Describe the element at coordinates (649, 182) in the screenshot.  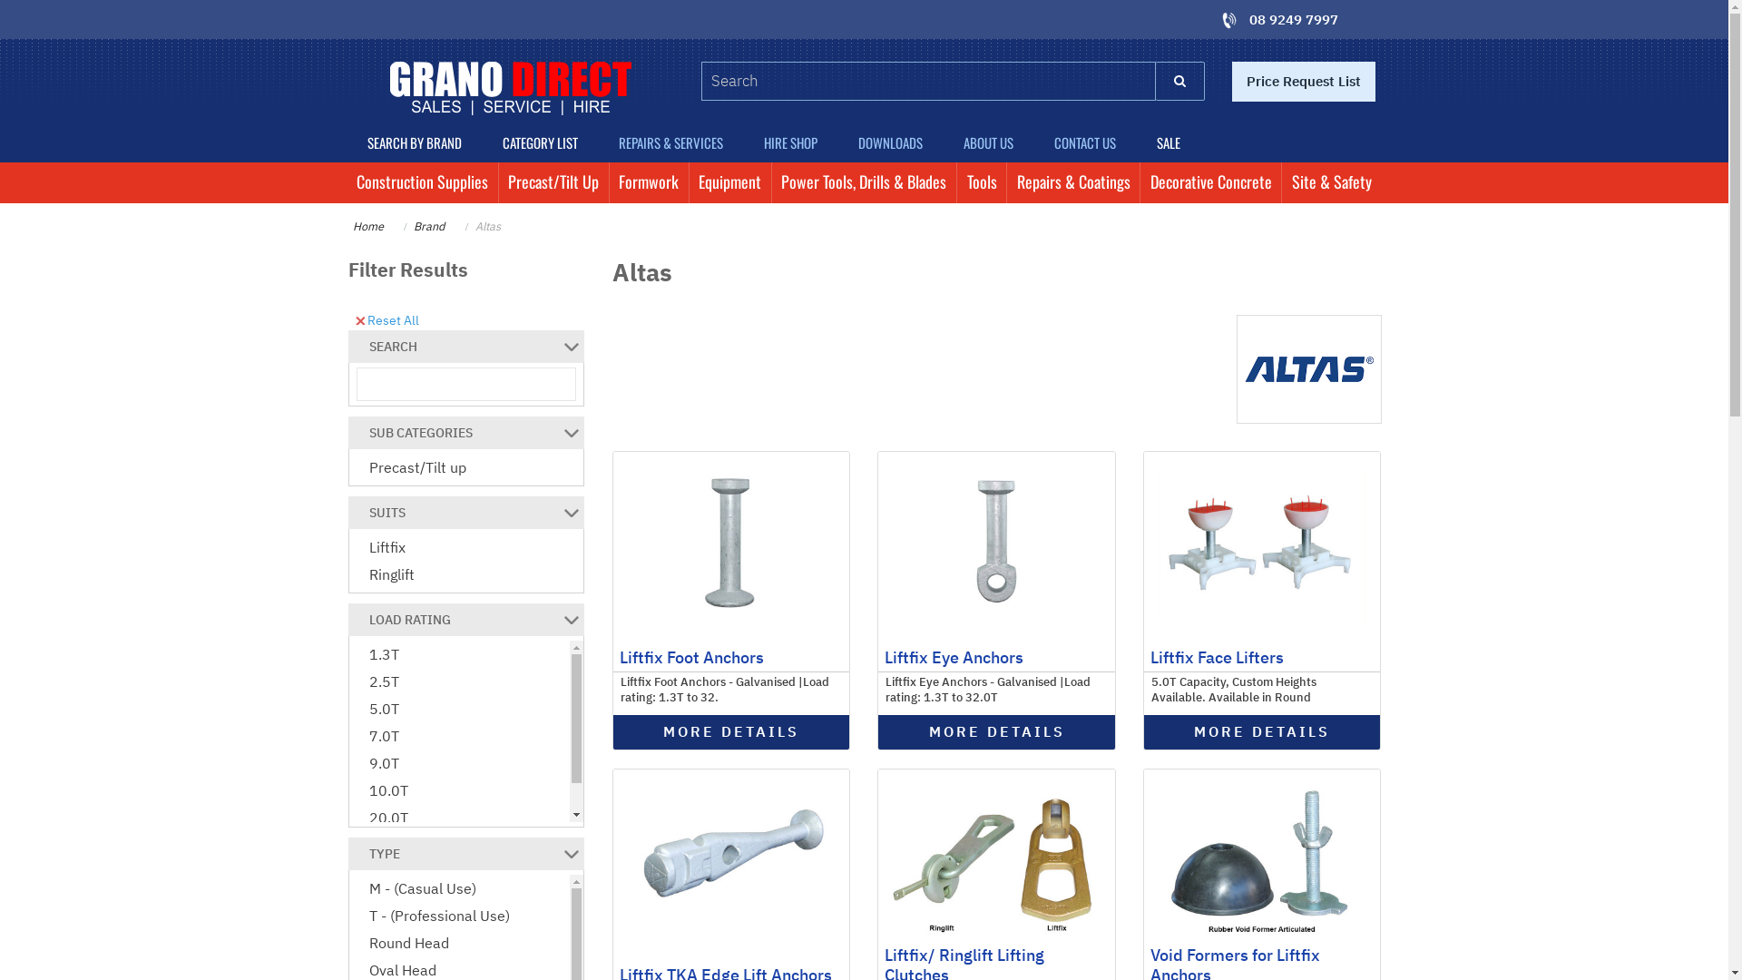
I see `'Formwork'` at that location.